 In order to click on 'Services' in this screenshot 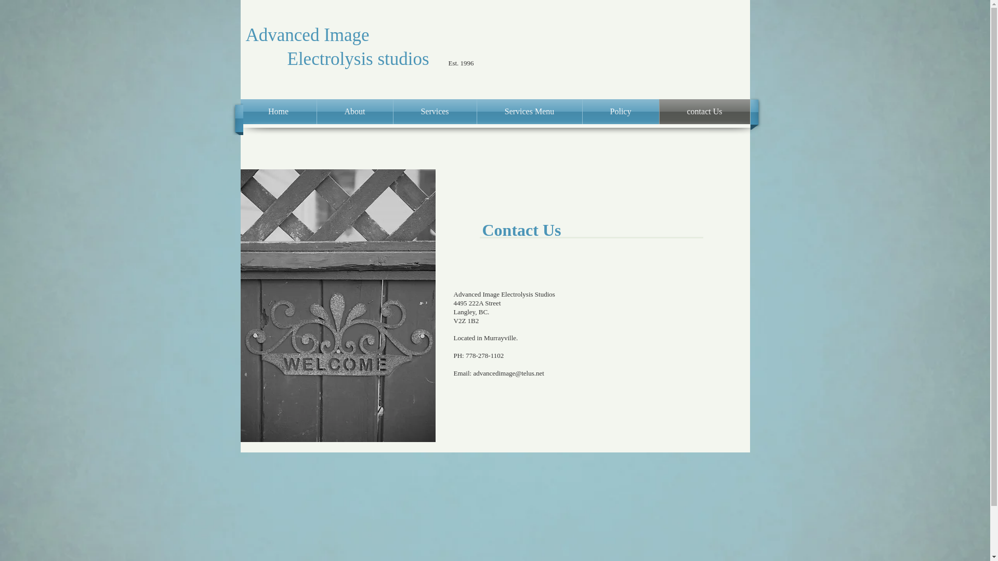, I will do `click(434, 112)`.